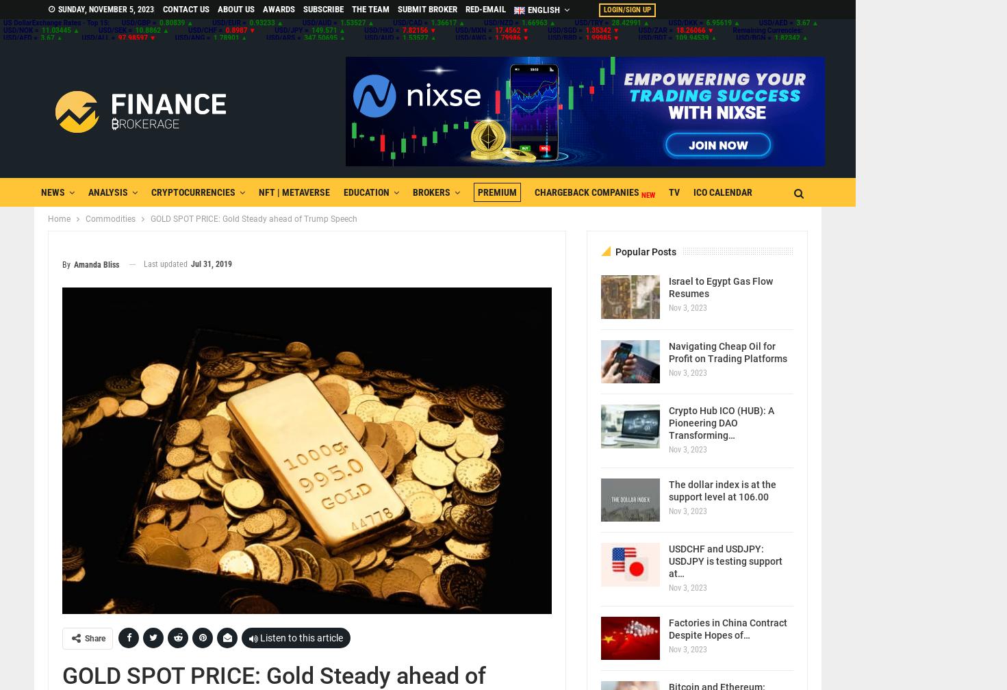 This screenshot has height=690, width=1007. Describe the element at coordinates (52, 192) in the screenshot. I see `'News'` at that location.